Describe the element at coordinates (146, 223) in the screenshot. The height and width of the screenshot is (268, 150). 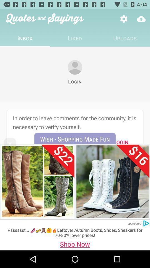
I see `the play icon` at that location.